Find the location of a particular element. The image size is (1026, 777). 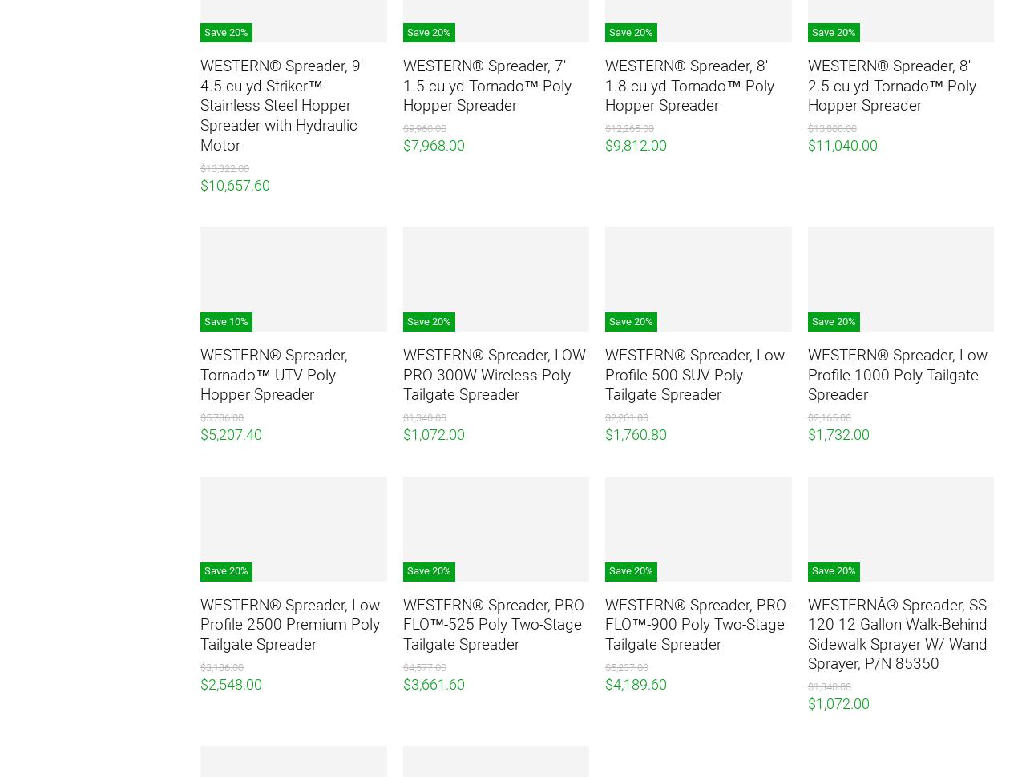

'$1,760.80' is located at coordinates (635, 433).